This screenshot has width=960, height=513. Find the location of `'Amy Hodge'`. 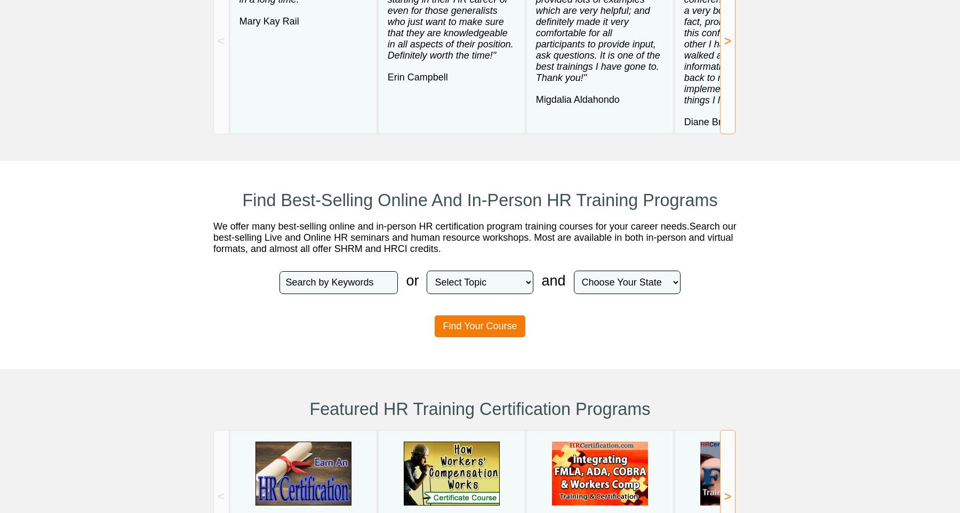

'Amy Hodge' is located at coordinates (857, 87).